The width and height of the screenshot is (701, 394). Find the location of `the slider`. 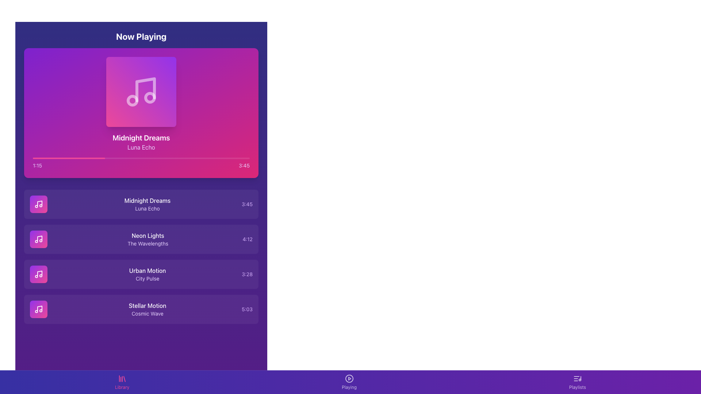

the slider is located at coordinates (227, 158).